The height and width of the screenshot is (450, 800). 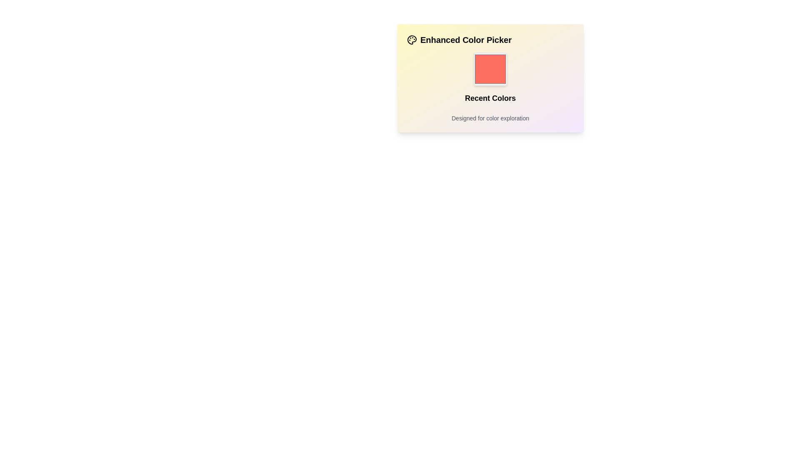 I want to click on the Information Display Section that visually represents recently selected colors, located centrally below the 'Enhanced Color Picker' title, so click(x=490, y=87).